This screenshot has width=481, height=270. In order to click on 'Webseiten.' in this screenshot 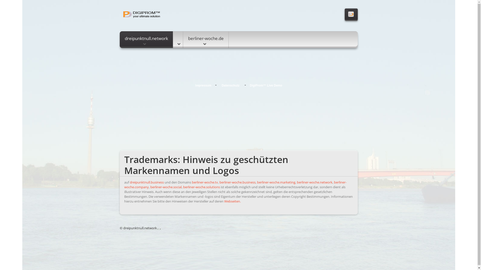, I will do `click(232, 201)`.